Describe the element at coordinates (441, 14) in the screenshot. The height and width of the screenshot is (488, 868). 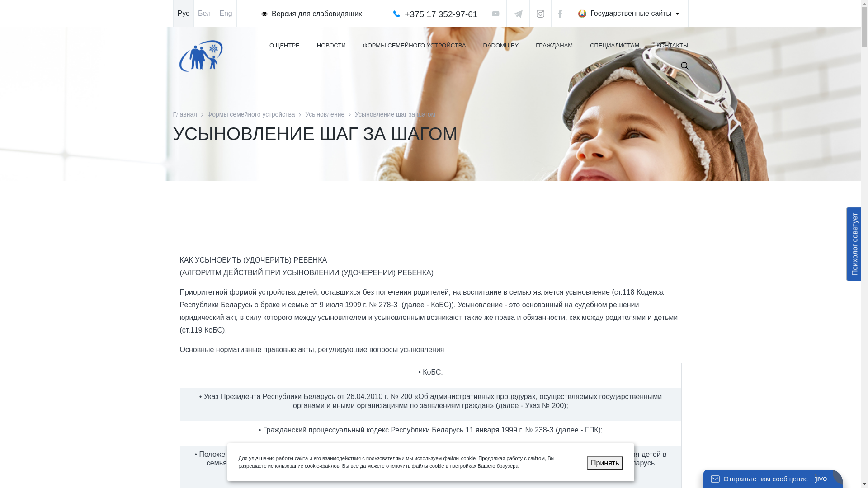
I see `'+375 17 352-97-61'` at that location.